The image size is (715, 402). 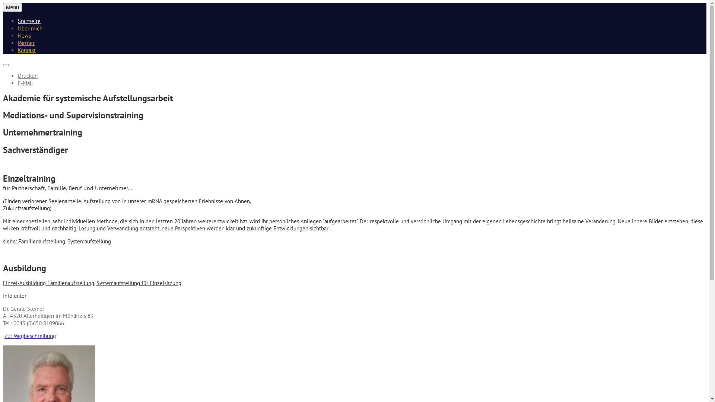 What do you see at coordinates (27, 50) in the screenshot?
I see `'Kontakt'` at bounding box center [27, 50].